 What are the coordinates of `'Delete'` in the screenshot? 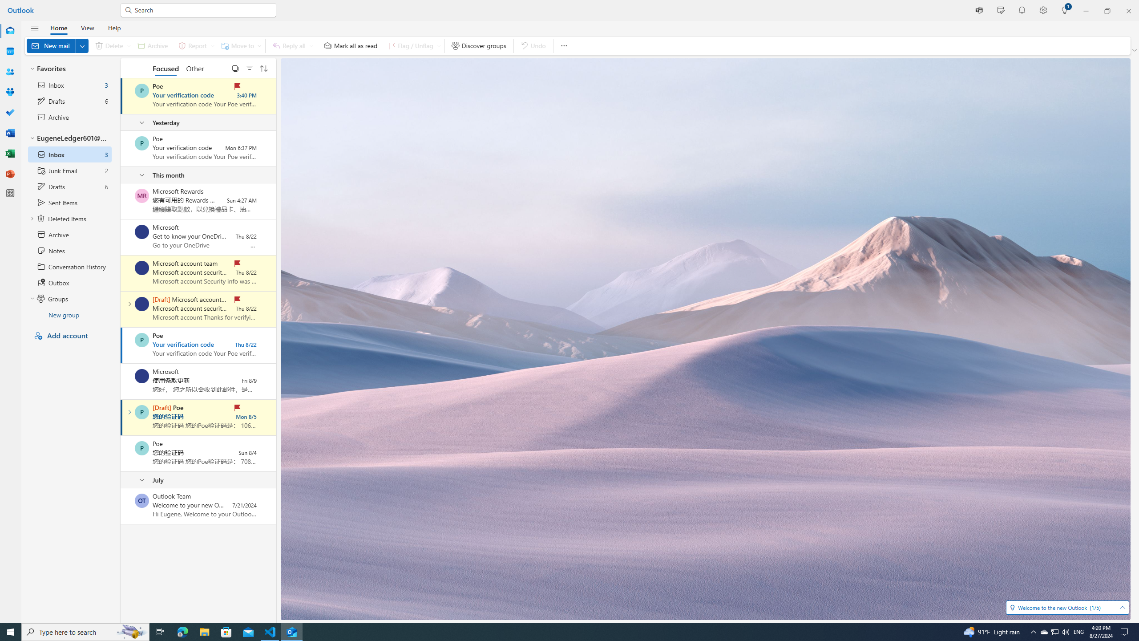 It's located at (110, 45).